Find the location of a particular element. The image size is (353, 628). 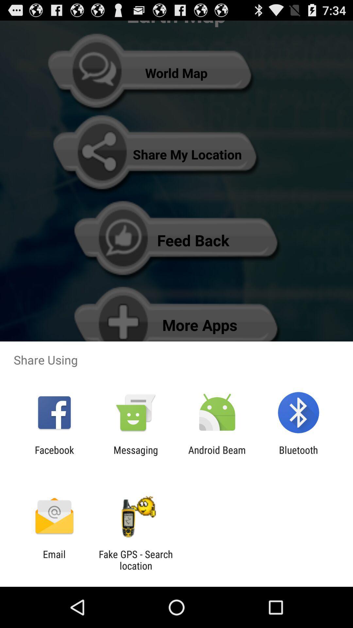

the email icon is located at coordinates (54, 560).